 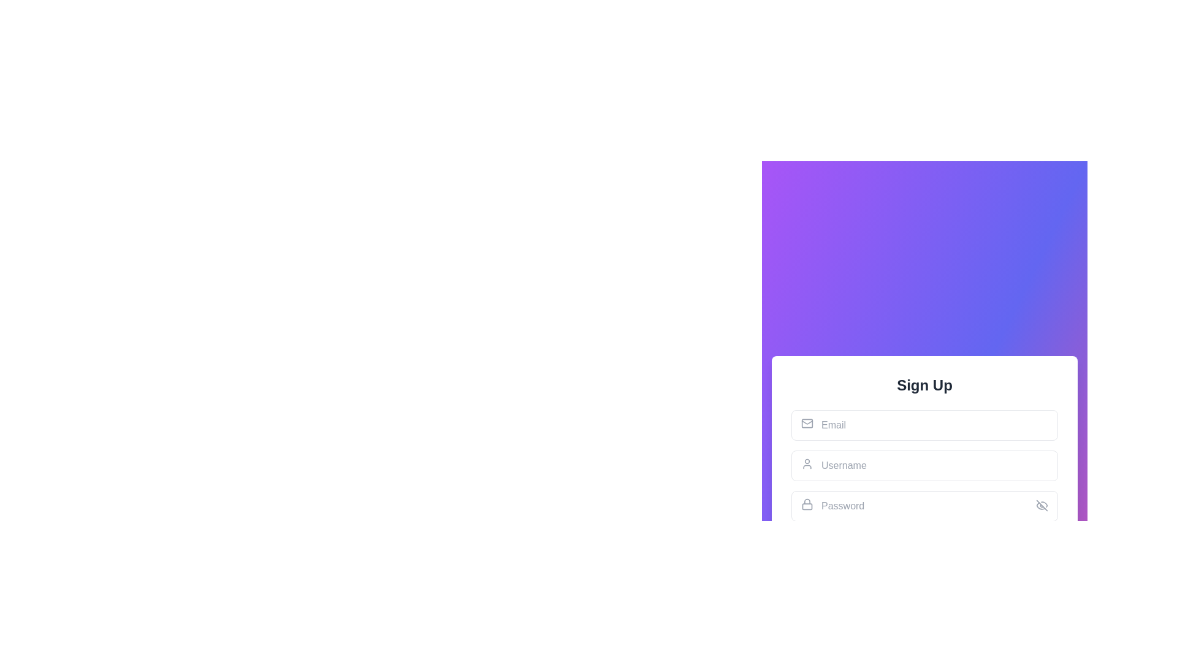 I want to click on the email input icon located to the left of the email input field in the 'Sign Up' form area, so click(x=807, y=422).